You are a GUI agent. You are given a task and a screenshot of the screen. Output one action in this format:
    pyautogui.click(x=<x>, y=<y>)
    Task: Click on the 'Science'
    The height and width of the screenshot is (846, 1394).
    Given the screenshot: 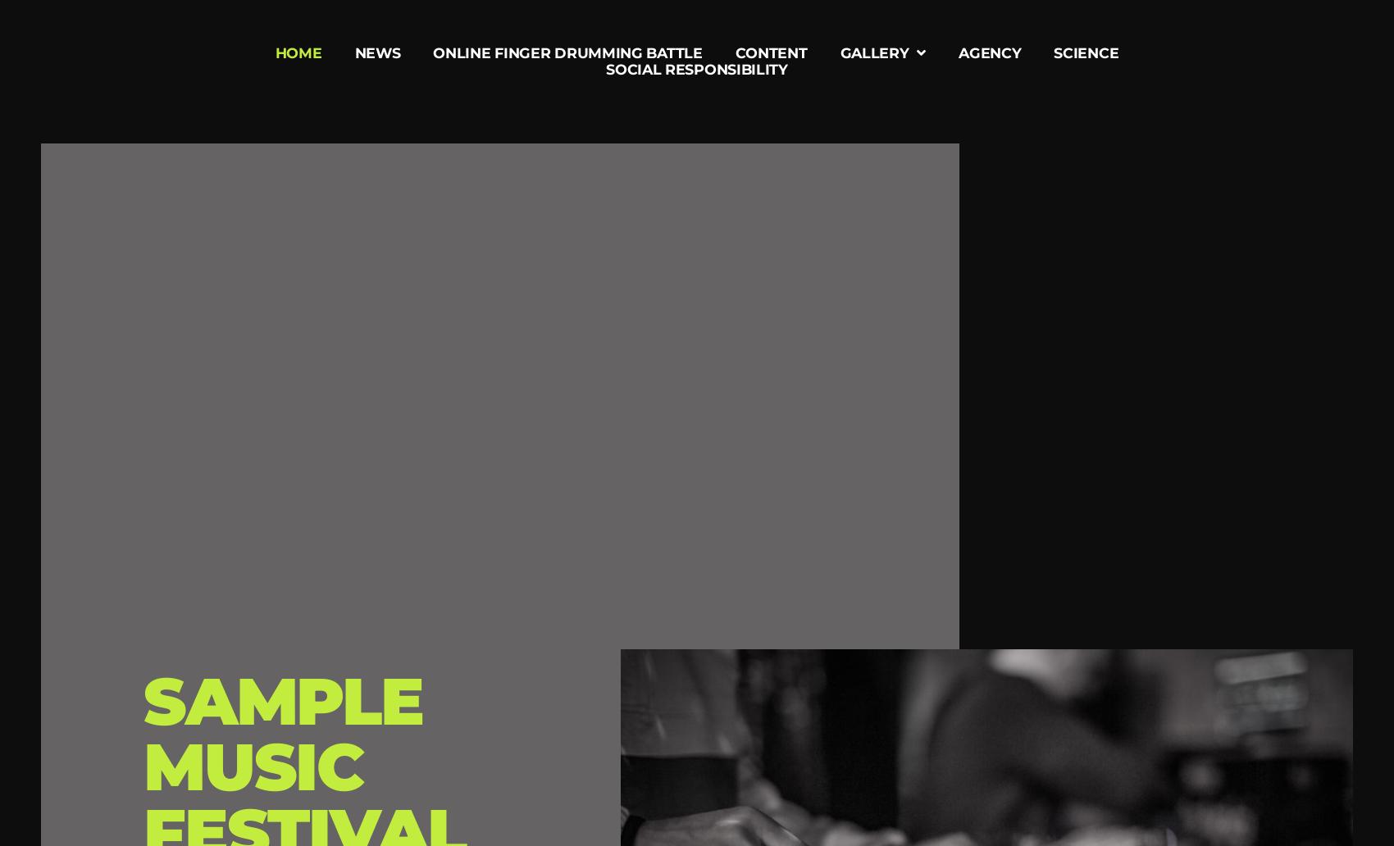 What is the action you would take?
    pyautogui.click(x=1054, y=52)
    